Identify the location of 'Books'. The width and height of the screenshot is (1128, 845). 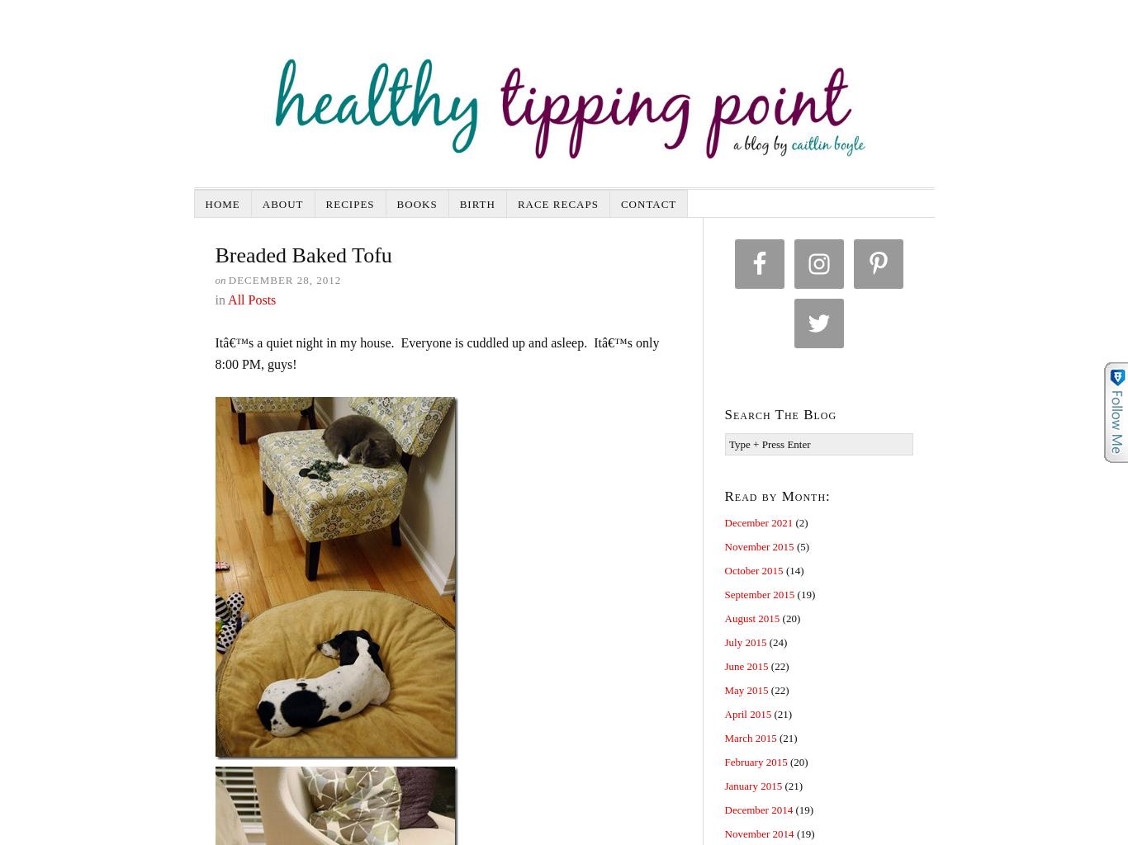
(396, 202).